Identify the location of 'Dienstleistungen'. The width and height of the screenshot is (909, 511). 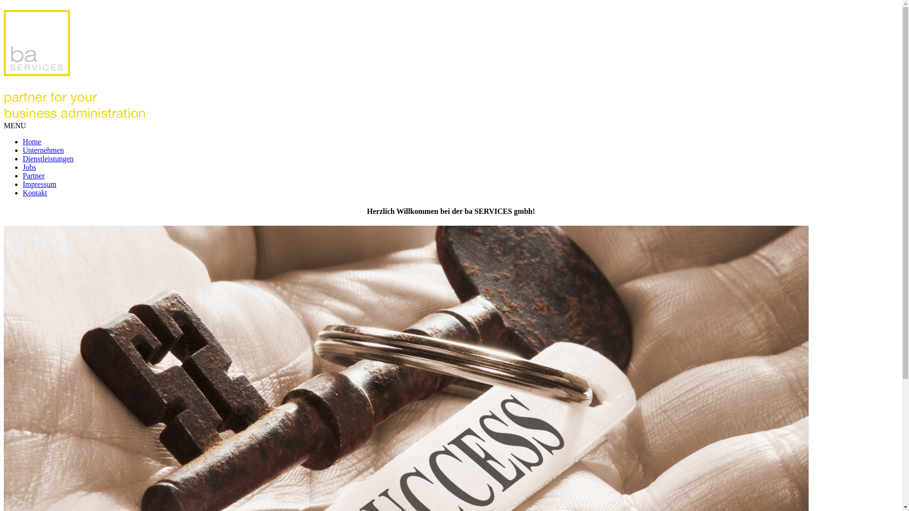
(47, 158).